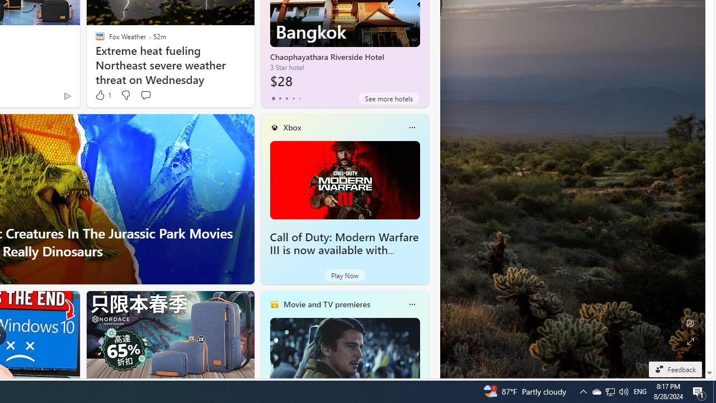 This screenshot has height=403, width=716. What do you see at coordinates (286, 98) in the screenshot?
I see `'tab-2'` at bounding box center [286, 98].